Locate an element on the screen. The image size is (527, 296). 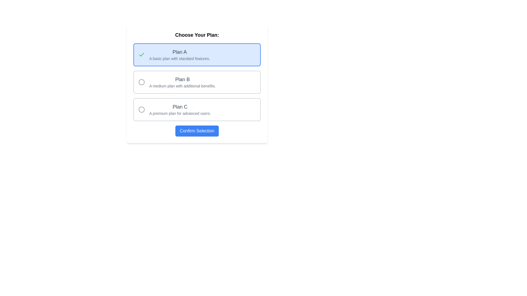
the central SVG circle element located within the 'Choose Your Plan' UI, positioned to the left of the 'Plan B' text option is located at coordinates (141, 82).